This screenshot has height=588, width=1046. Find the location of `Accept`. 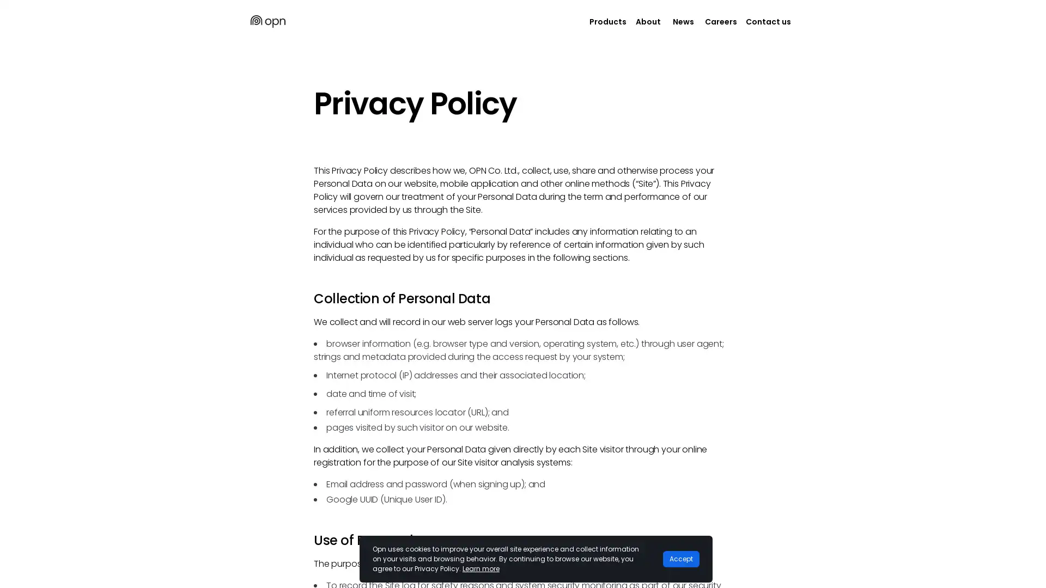

Accept is located at coordinates (680, 559).